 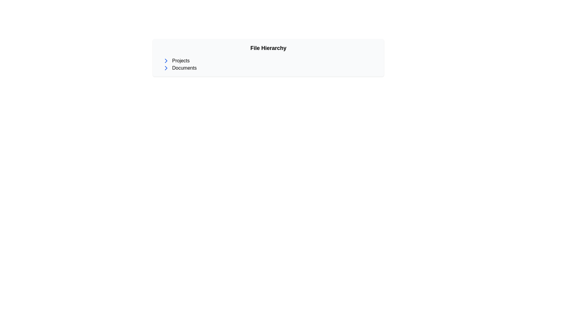 I want to click on the blue right-pointing chevron icon located to the left of the 'Documents' text for keyboard navigation, so click(x=166, y=68).